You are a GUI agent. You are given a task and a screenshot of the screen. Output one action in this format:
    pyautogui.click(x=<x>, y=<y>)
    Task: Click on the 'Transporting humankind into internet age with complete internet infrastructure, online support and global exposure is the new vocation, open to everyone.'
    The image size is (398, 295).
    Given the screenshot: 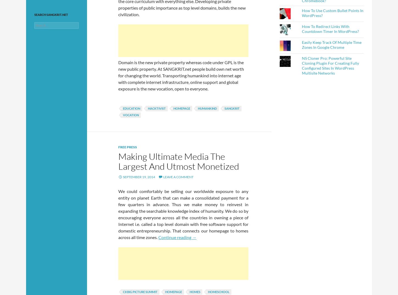 What is the action you would take?
    pyautogui.click(x=118, y=82)
    